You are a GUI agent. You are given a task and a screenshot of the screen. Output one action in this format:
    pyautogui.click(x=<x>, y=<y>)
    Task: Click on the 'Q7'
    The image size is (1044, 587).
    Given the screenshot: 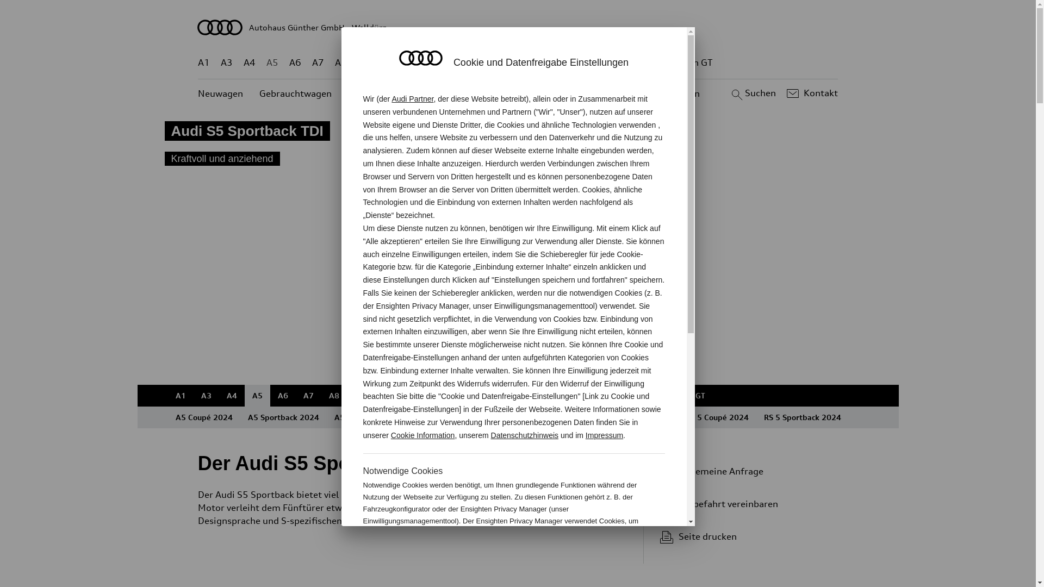 What is the action you would take?
    pyautogui.click(x=486, y=63)
    